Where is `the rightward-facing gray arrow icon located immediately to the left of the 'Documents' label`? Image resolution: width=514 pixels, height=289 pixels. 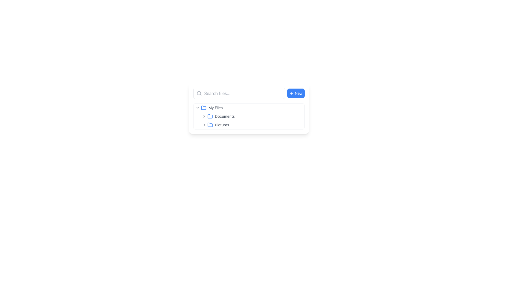
the rightward-facing gray arrow icon located immediately to the left of the 'Documents' label is located at coordinates (204, 116).